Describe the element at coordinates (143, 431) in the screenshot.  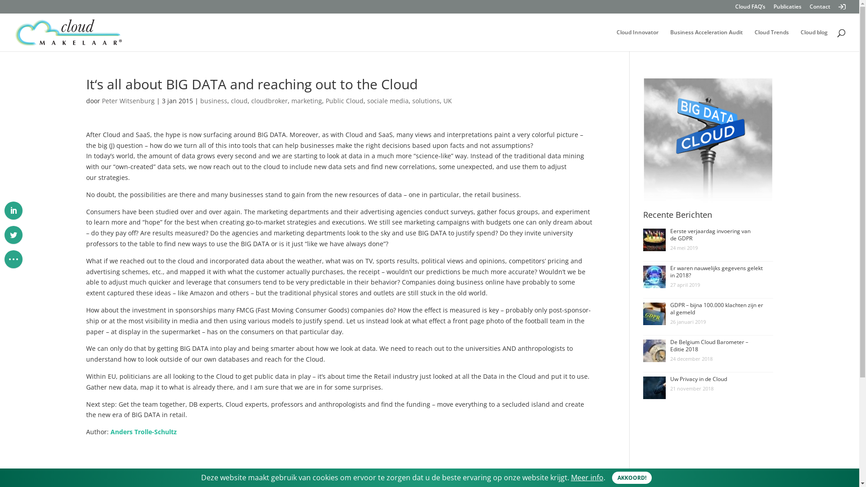
I see `'Anders Trolle-Schultz'` at that location.